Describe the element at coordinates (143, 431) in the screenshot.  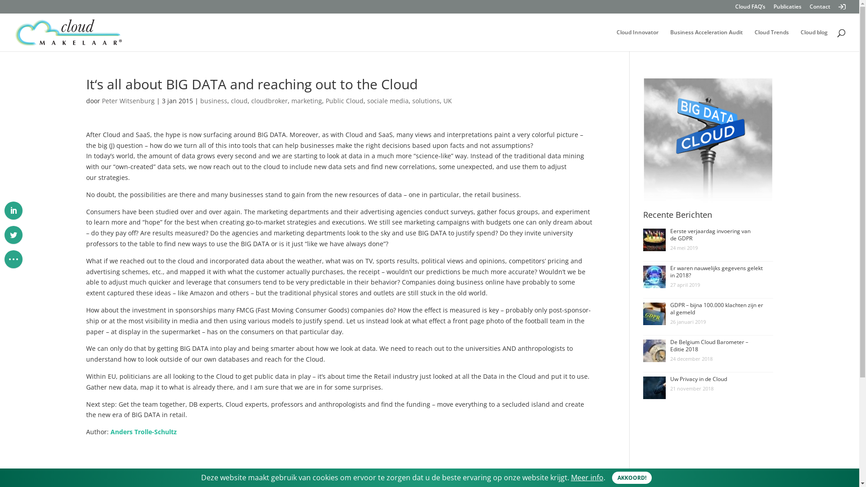
I see `'Anders Trolle-Schultz'` at that location.